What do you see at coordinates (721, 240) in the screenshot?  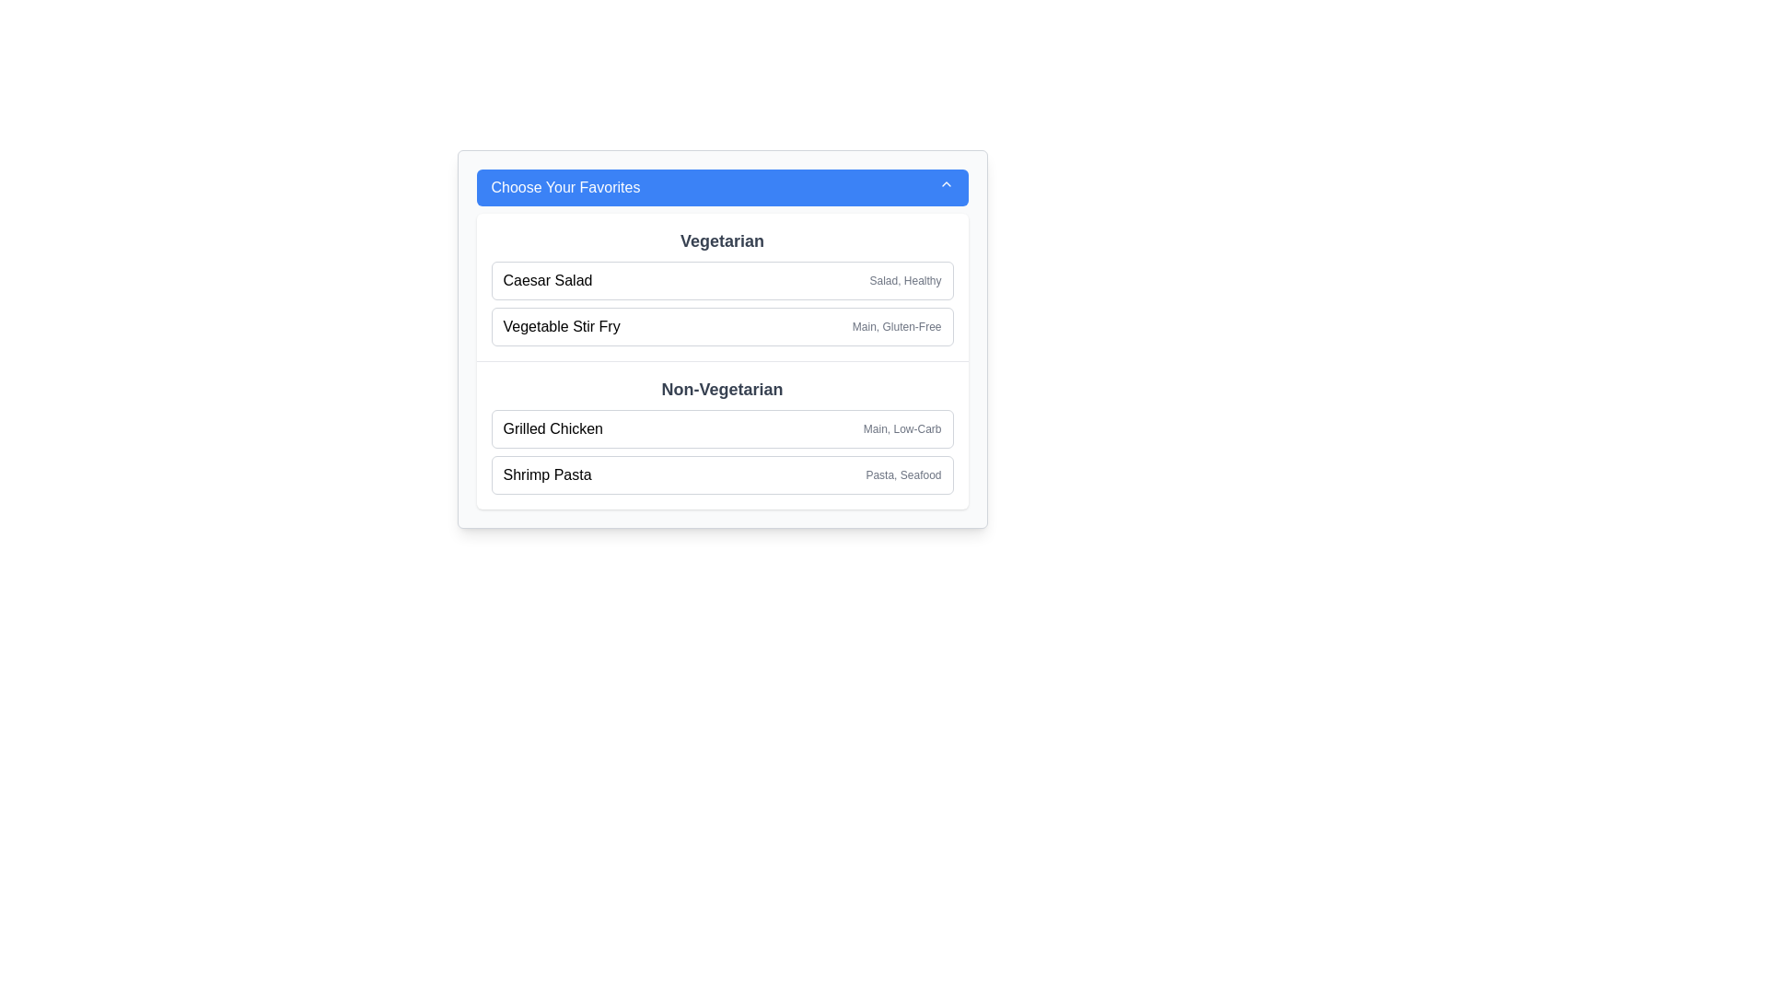 I see `the Text label indicating 'Vegetarian Dishes', which is located below 'Choose Your Favorites' and above 'Caesar Salad' and 'Vegetable Stir Fry'` at bounding box center [721, 240].